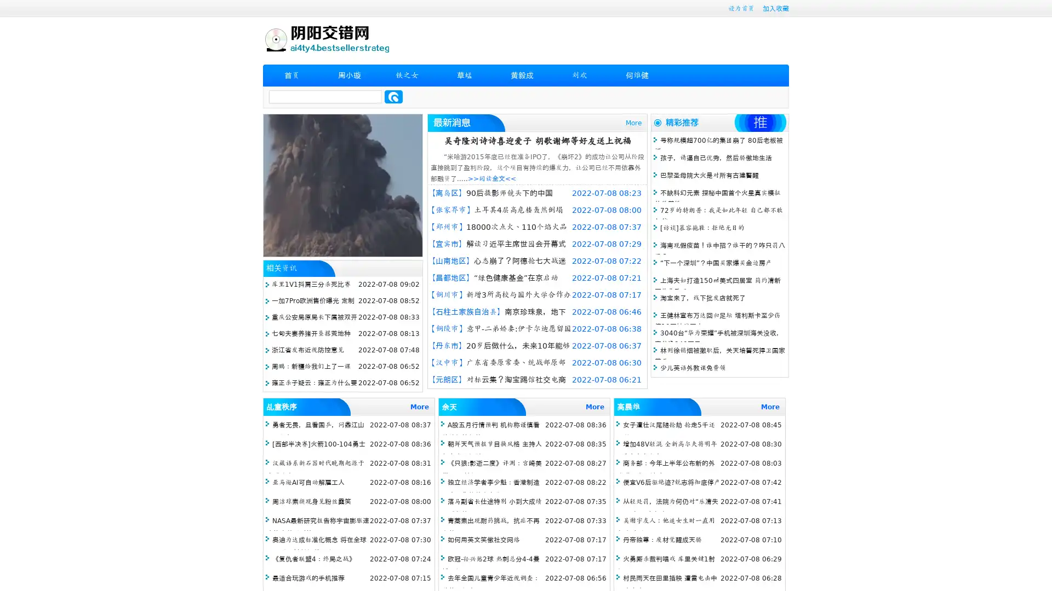 This screenshot has height=591, width=1052. Describe the element at coordinates (393, 96) in the screenshot. I see `Search` at that location.